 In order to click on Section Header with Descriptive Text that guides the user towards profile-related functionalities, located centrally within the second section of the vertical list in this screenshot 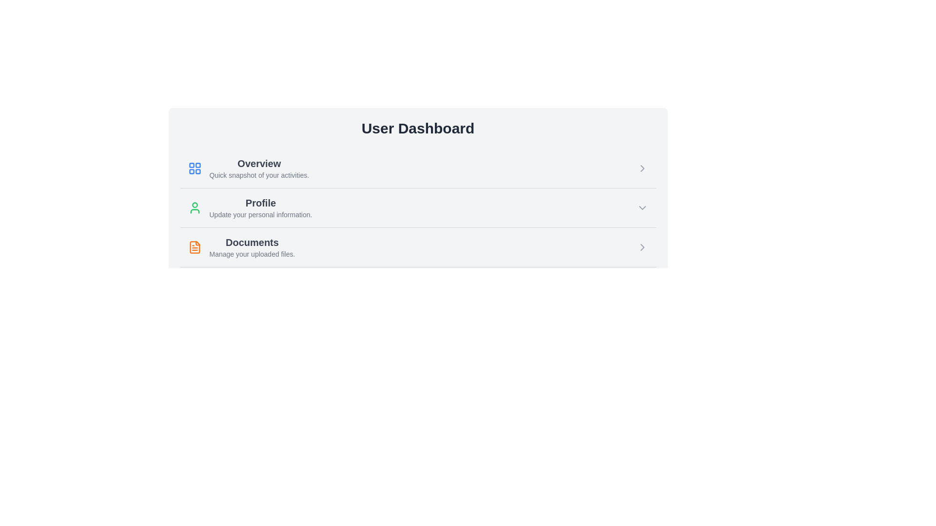, I will do `click(260, 207)`.